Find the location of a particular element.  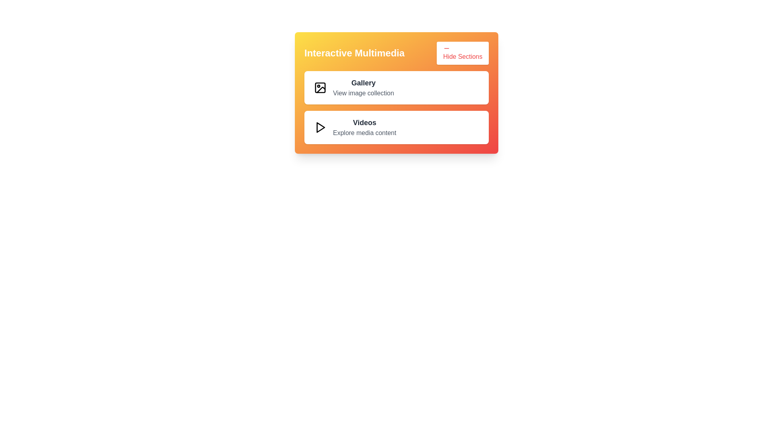

the collapse icon located at the upper-right side of the 'Hide Sections' button, which is visually represented to collapse or hide sections is located at coordinates (447, 48).